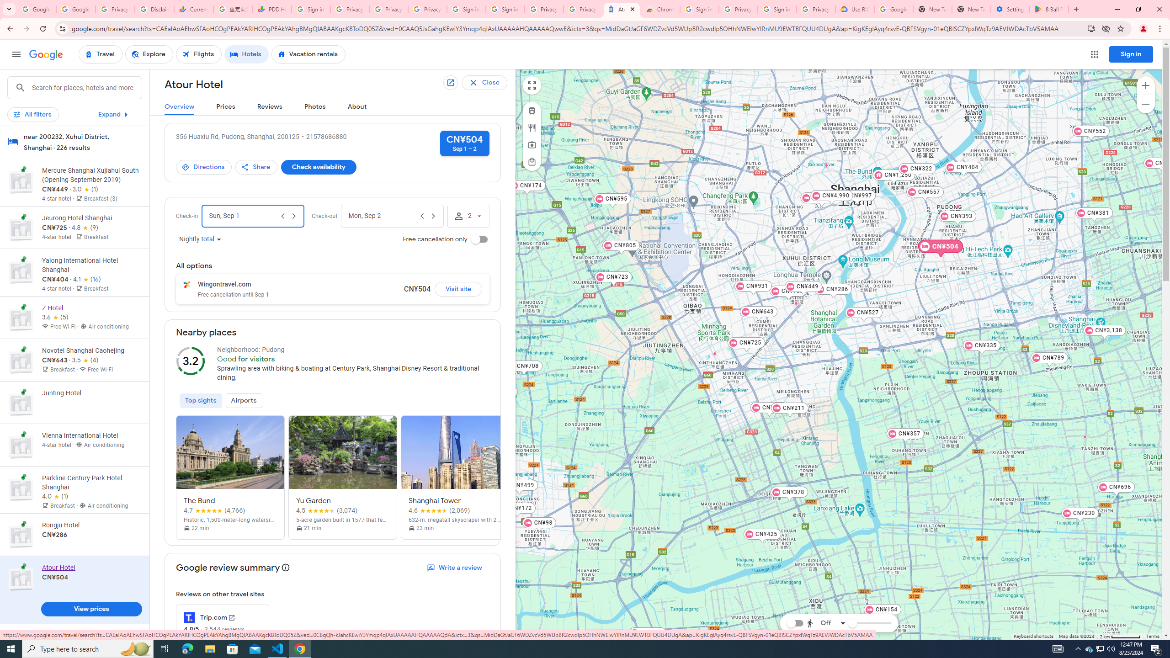 The width and height of the screenshot is (1170, 658). What do you see at coordinates (851, 623) in the screenshot?
I see `'Reachability slider'` at bounding box center [851, 623].